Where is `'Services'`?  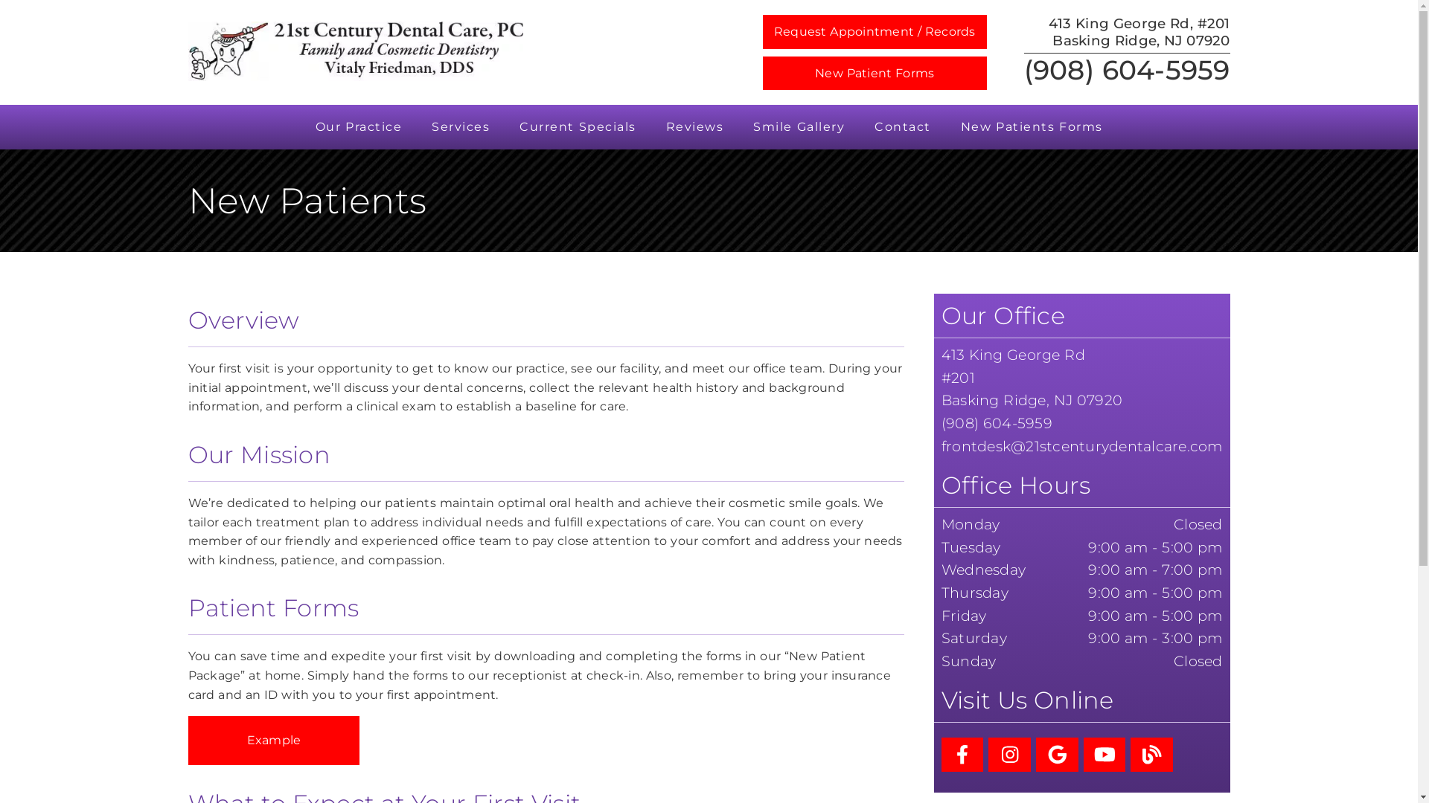 'Services' is located at coordinates (460, 126).